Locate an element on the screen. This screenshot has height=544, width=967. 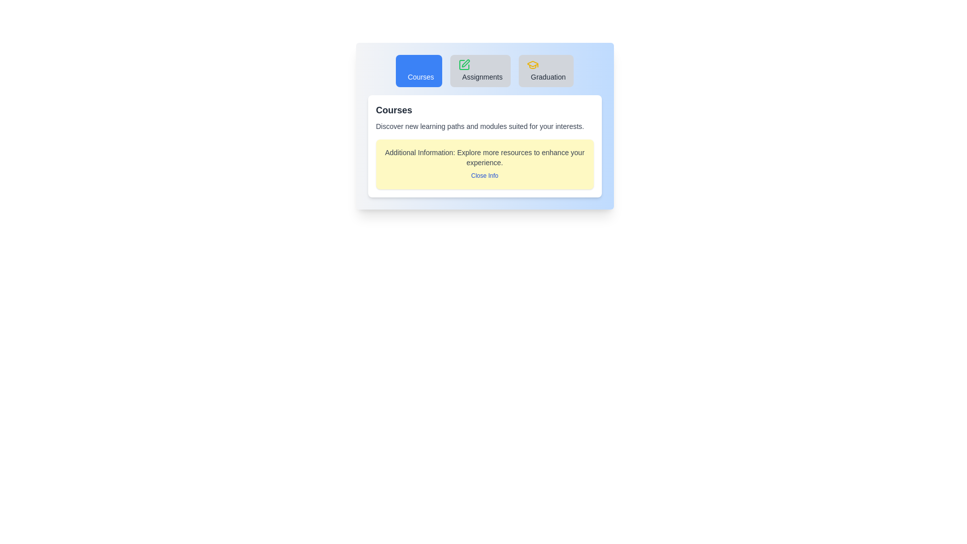
the Assignments tab by clicking its button is located at coordinates (479, 71).